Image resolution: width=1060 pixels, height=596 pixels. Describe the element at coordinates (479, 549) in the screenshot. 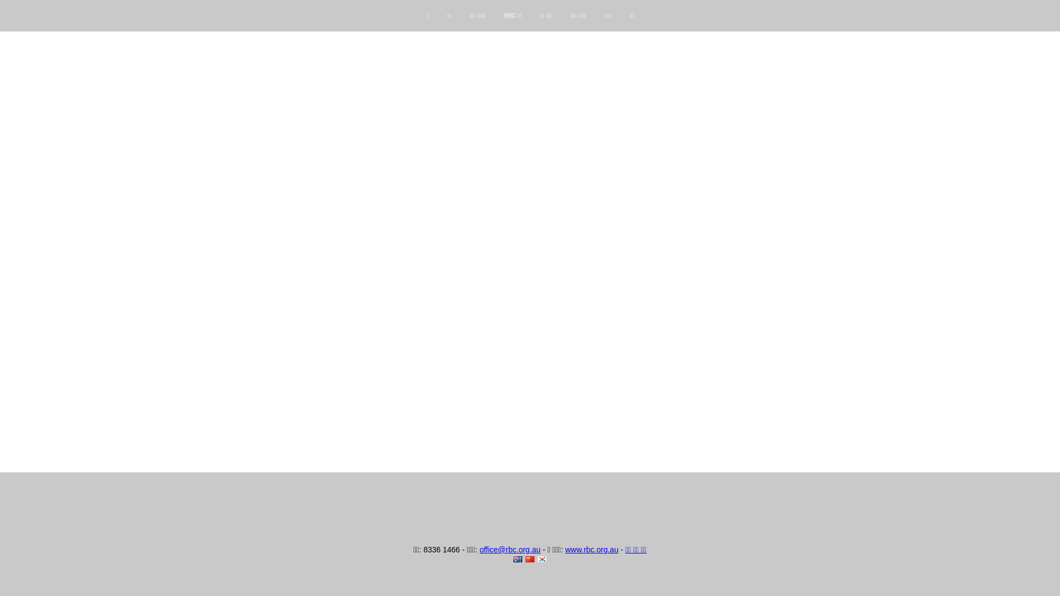

I see `'office@rbc.org.au'` at that location.